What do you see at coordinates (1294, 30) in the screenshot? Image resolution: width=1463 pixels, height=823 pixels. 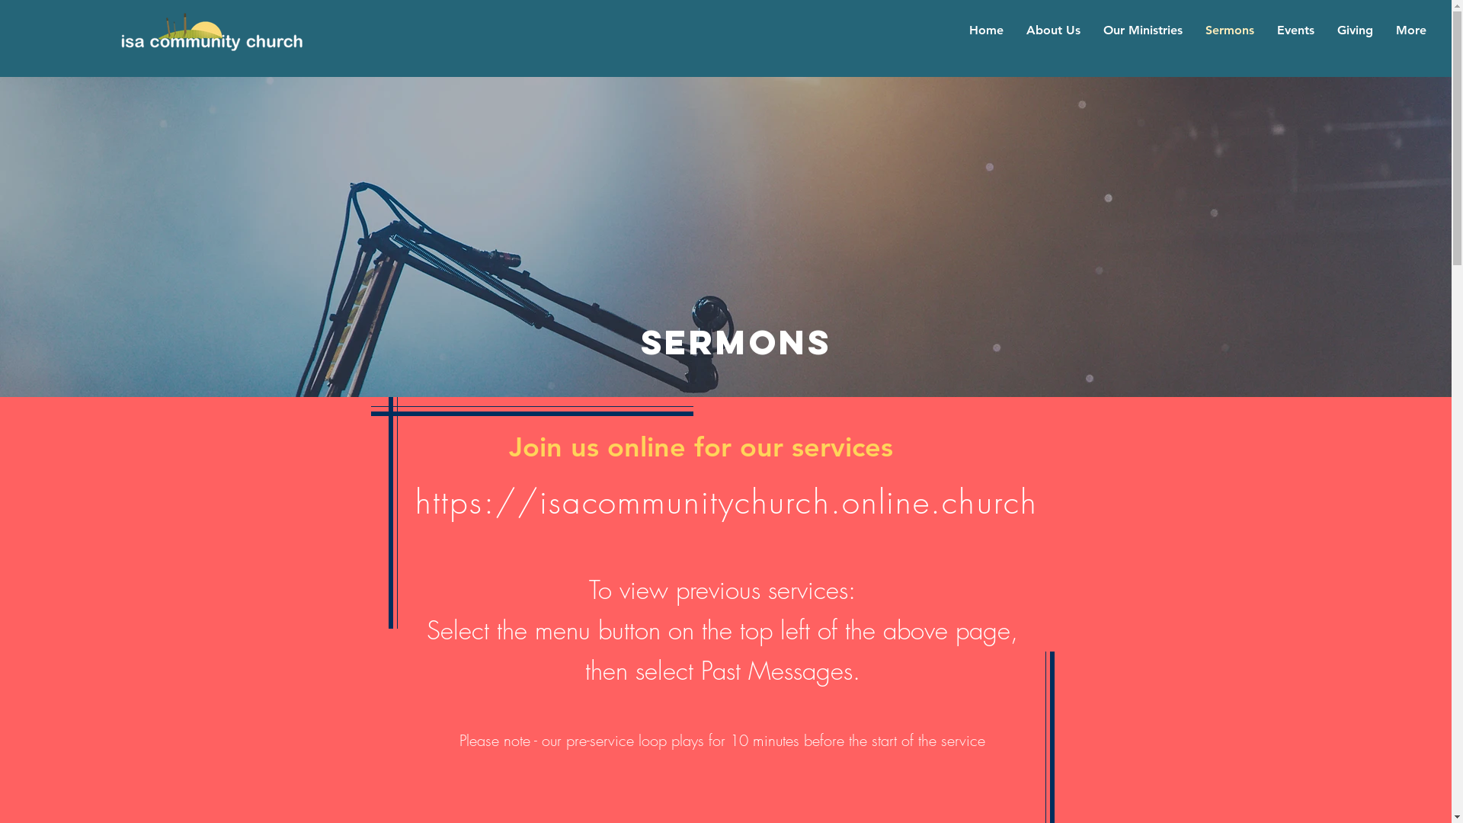 I see `'Events'` at bounding box center [1294, 30].